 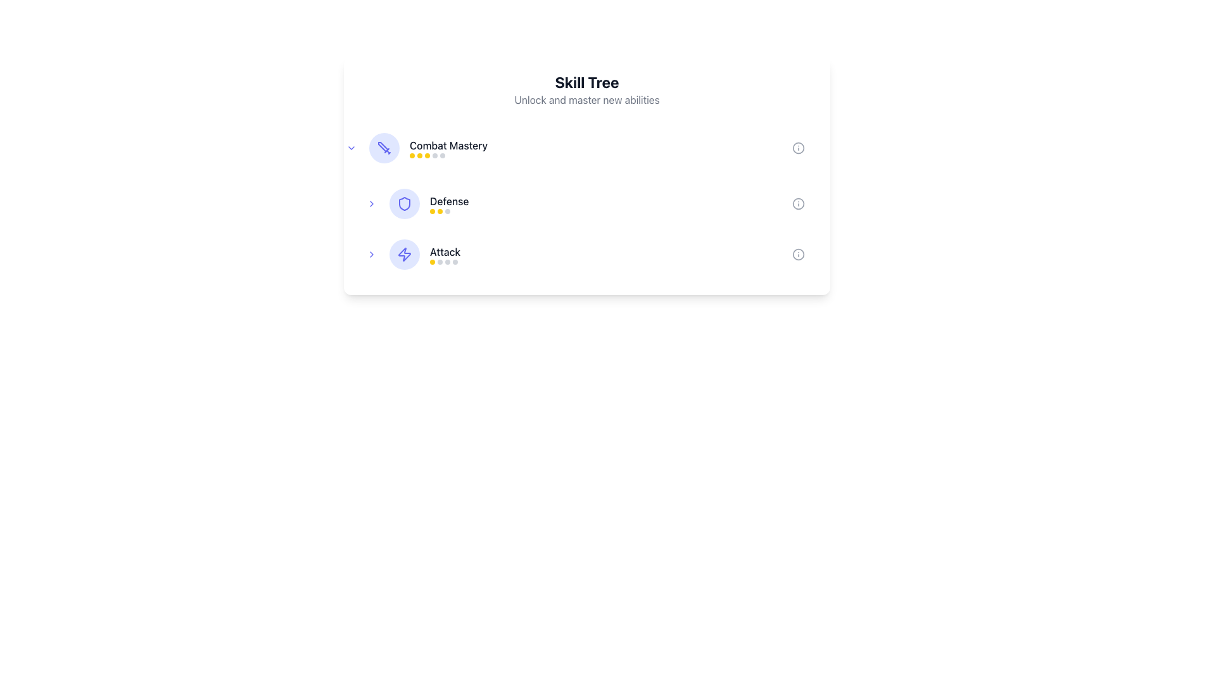 I want to click on a skill entry in the list of interactive items within the 'Skill Tree' card, so click(x=586, y=200).